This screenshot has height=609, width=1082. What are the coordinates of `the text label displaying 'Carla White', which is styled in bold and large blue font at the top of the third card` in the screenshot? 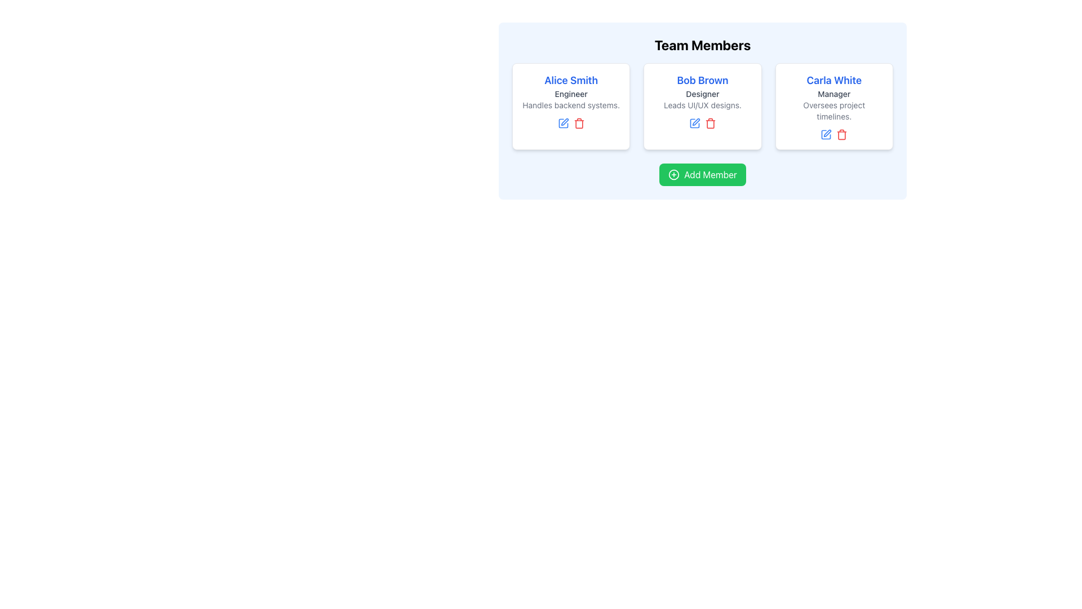 It's located at (834, 80).